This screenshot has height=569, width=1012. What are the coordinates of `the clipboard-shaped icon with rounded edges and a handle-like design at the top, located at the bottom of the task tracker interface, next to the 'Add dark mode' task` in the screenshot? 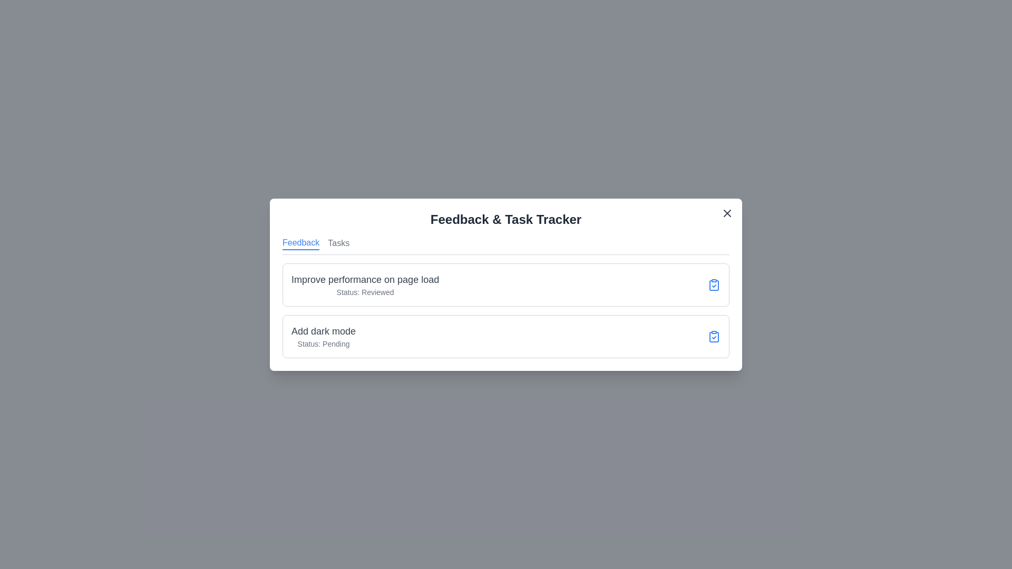 It's located at (714, 337).